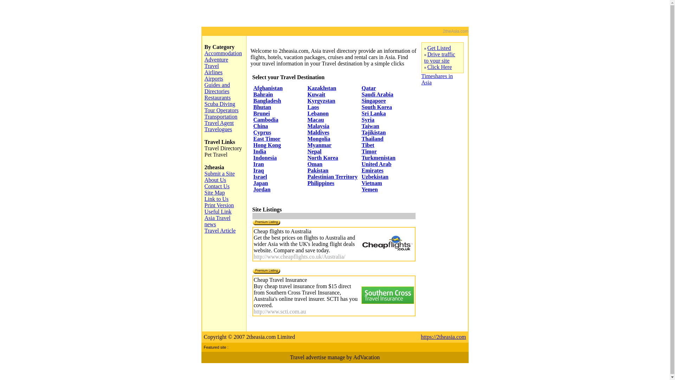 The width and height of the screenshot is (675, 380). Describe the element at coordinates (367, 145) in the screenshot. I see `'Tibet'` at that location.